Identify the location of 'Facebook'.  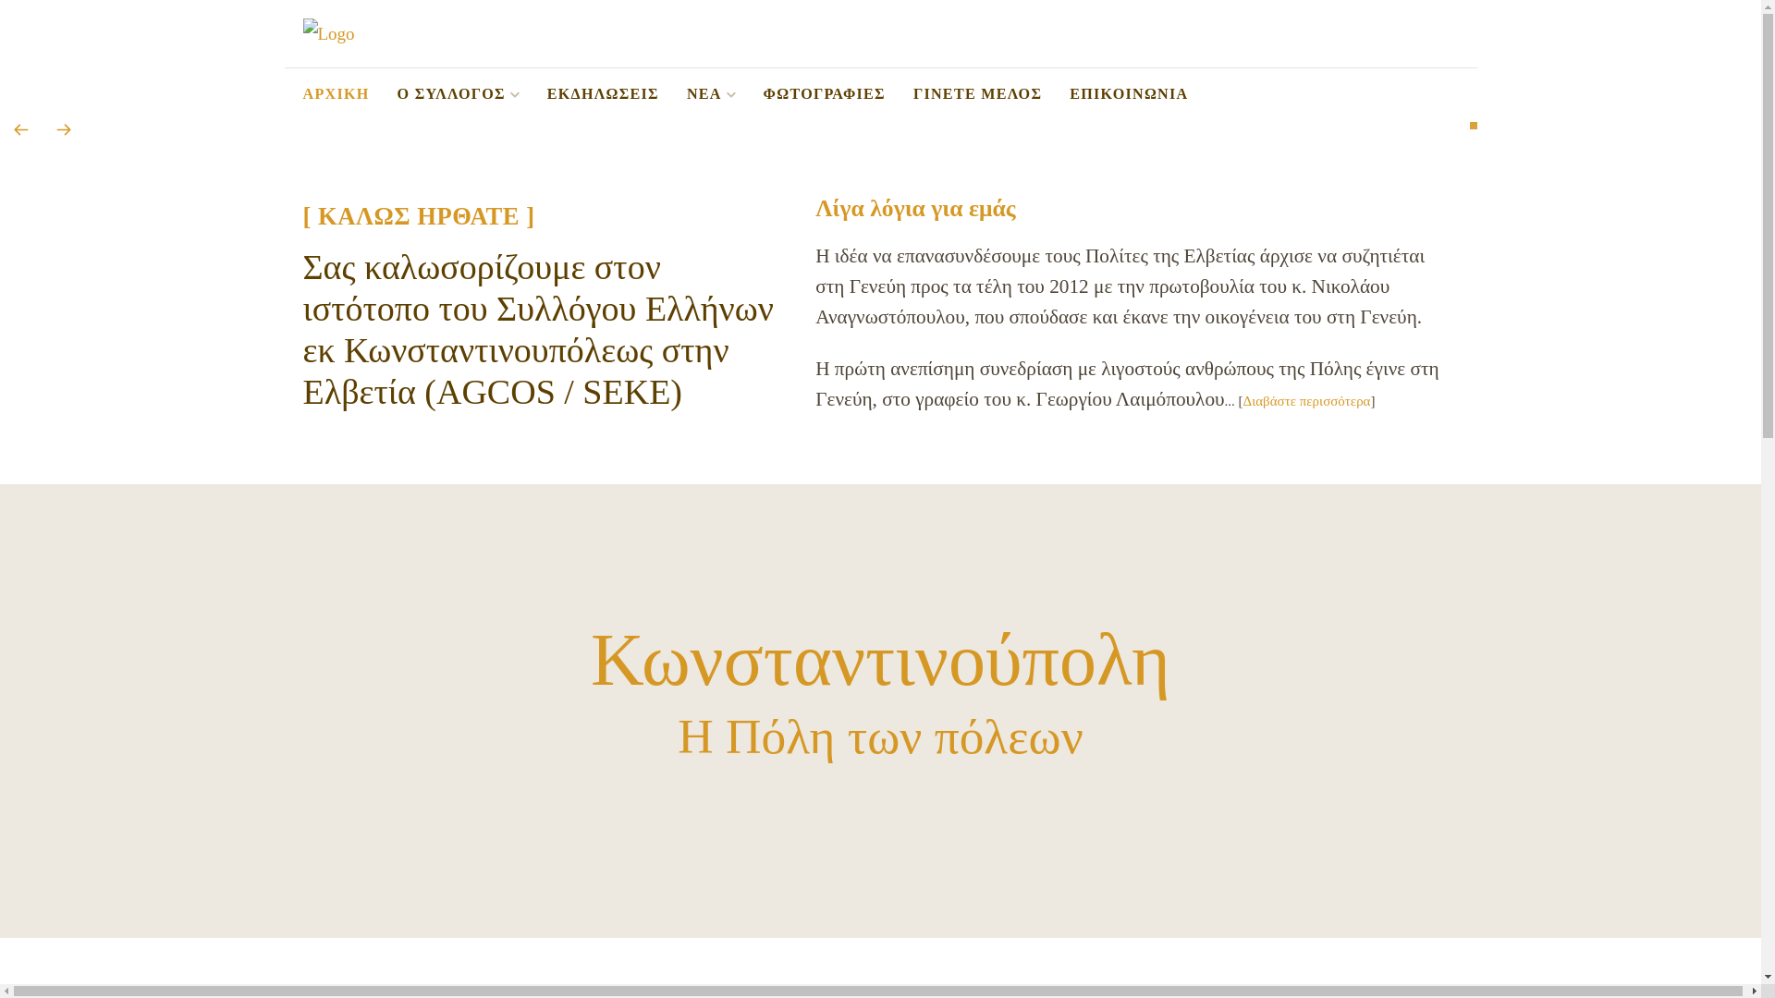
(1445, 94).